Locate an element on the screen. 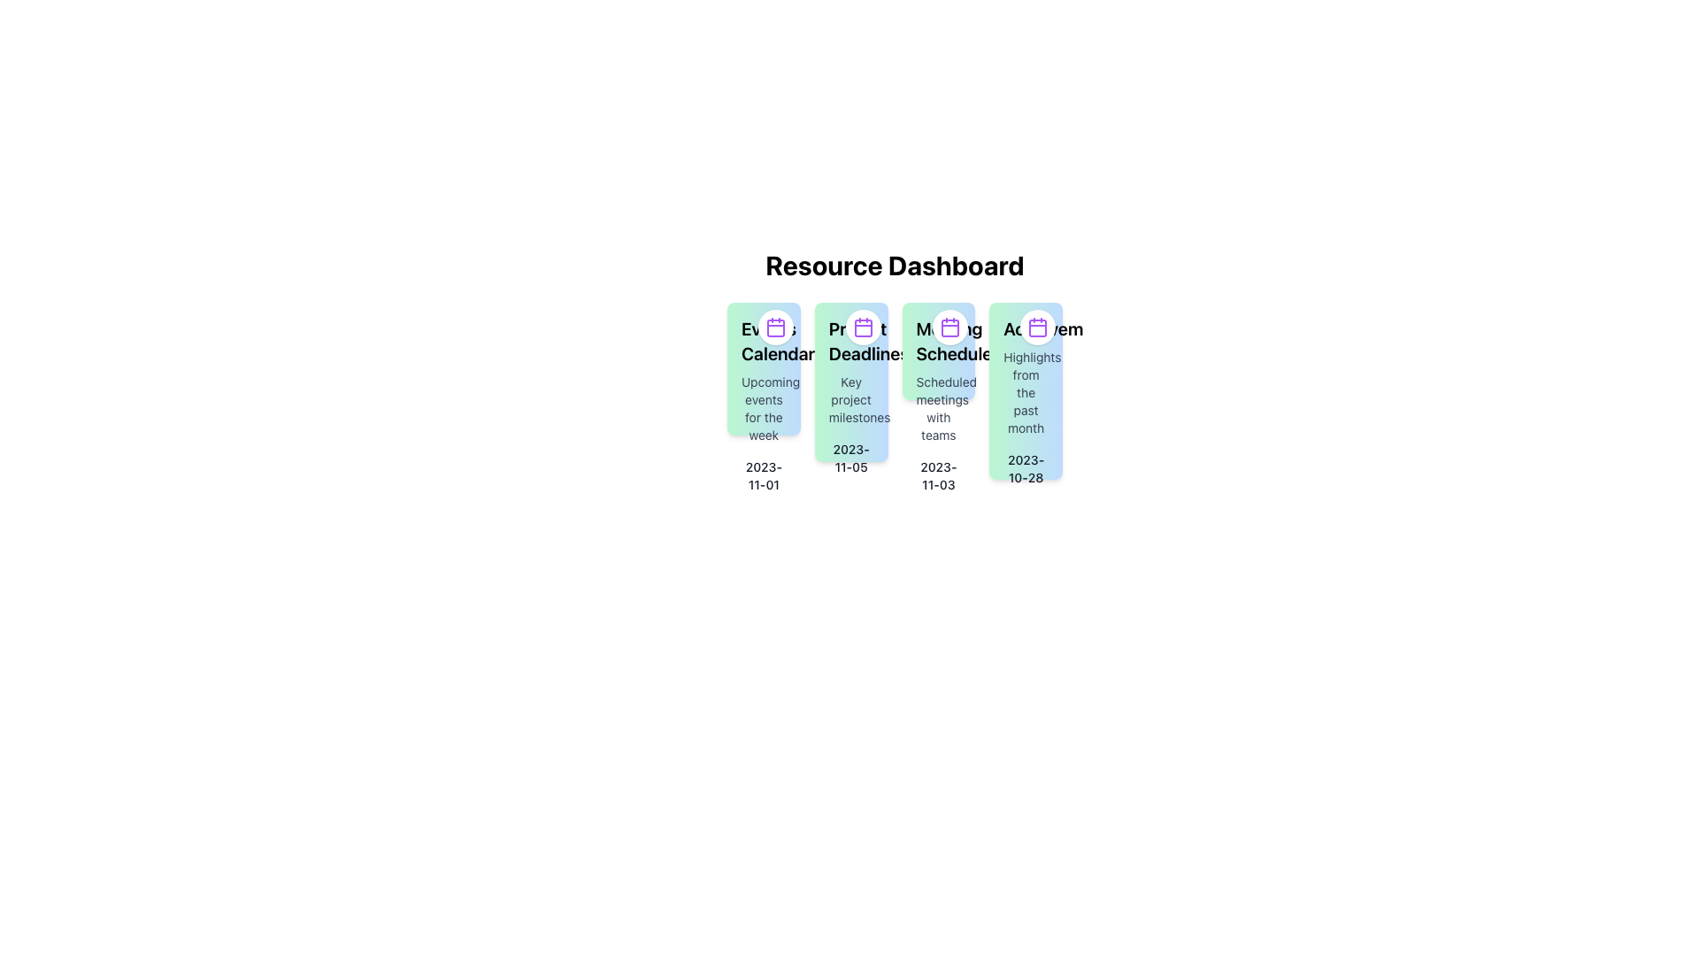 The image size is (1699, 956). the circular white Icon Button with a purple calendar icon located in the top-right corner of the 'Events Calendar' card is located at coordinates (775, 328).